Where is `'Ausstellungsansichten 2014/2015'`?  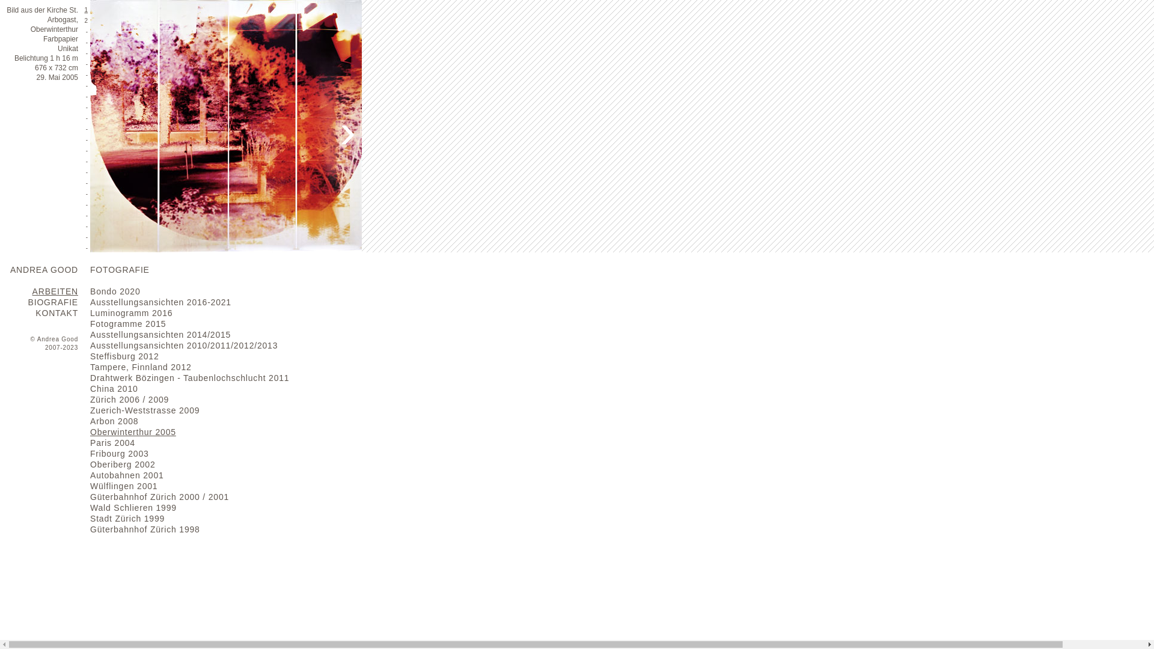
'Ausstellungsansichten 2014/2015' is located at coordinates (160, 334).